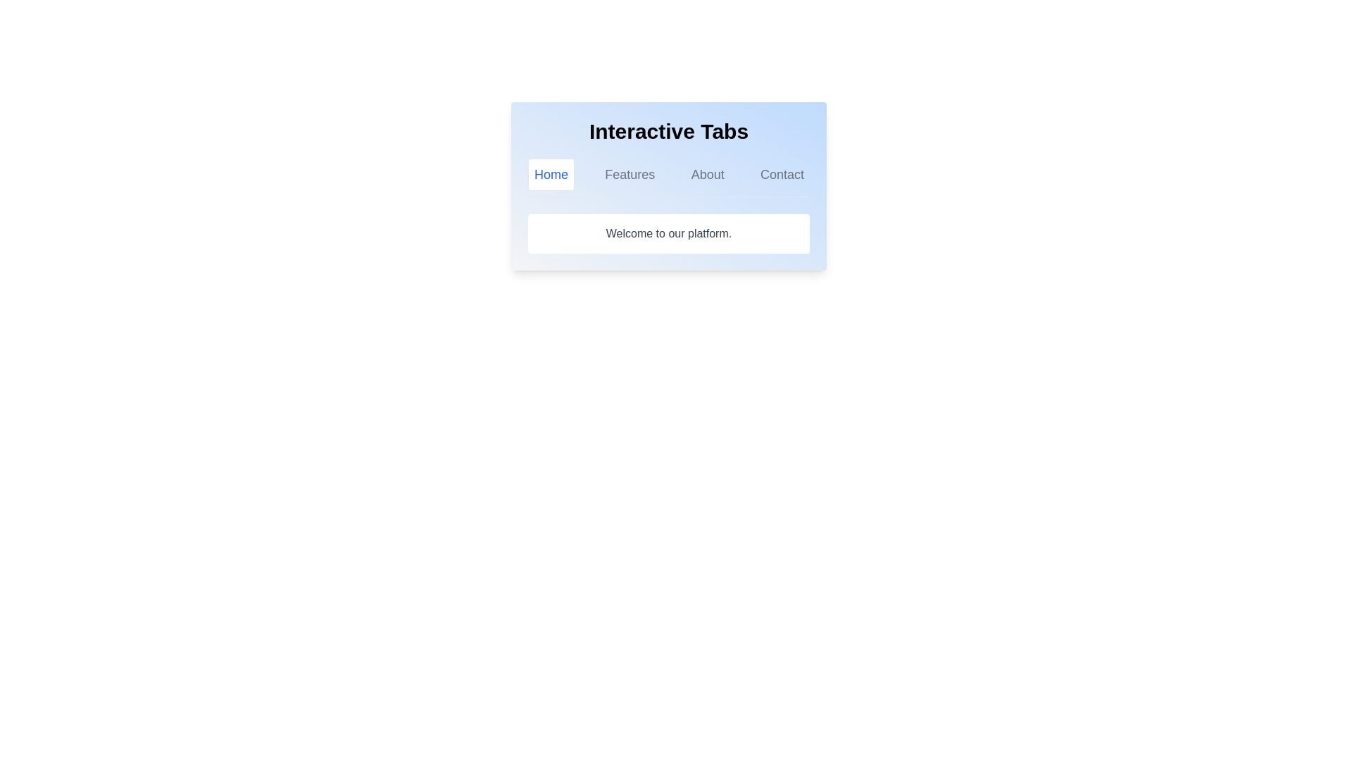 The width and height of the screenshot is (1352, 761). Describe the element at coordinates (668, 233) in the screenshot. I see `the text 'Welcome to our platform.' to select it` at that location.